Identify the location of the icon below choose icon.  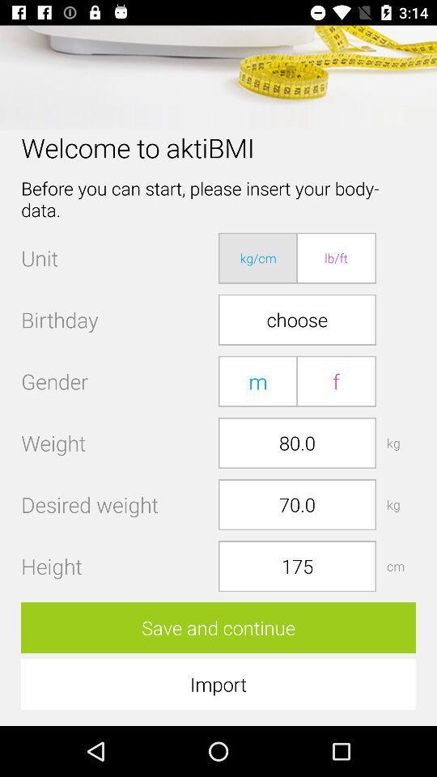
(335, 381).